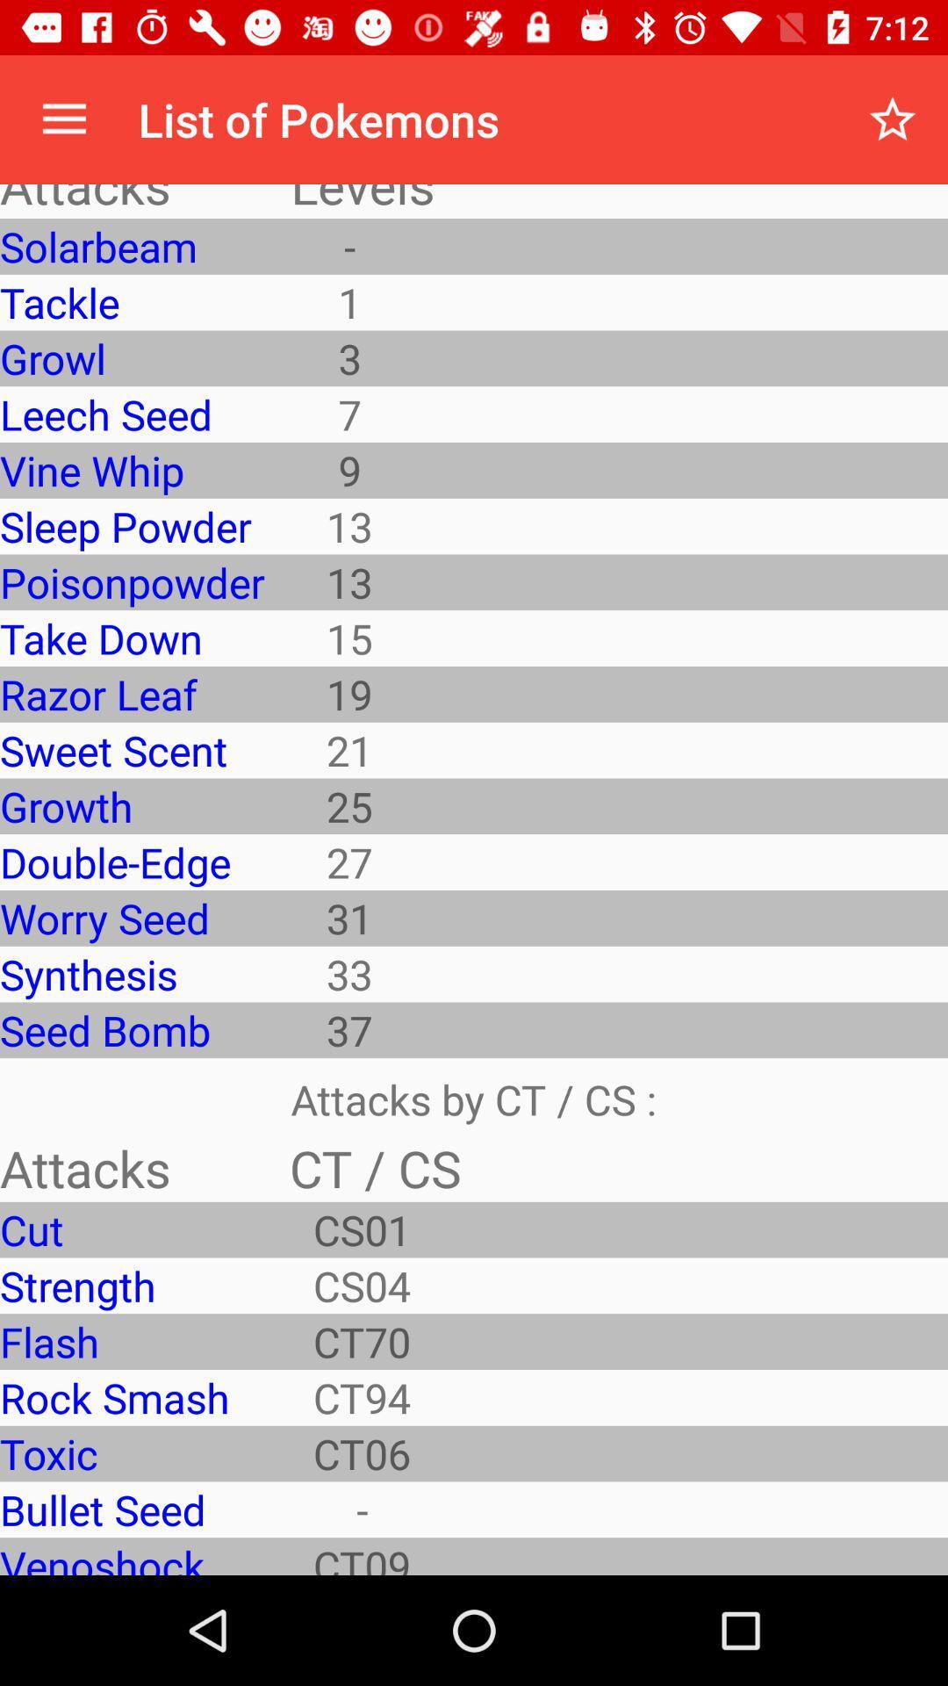 The image size is (948, 1686). Describe the element at coordinates (131, 1556) in the screenshot. I see `venoshock` at that location.